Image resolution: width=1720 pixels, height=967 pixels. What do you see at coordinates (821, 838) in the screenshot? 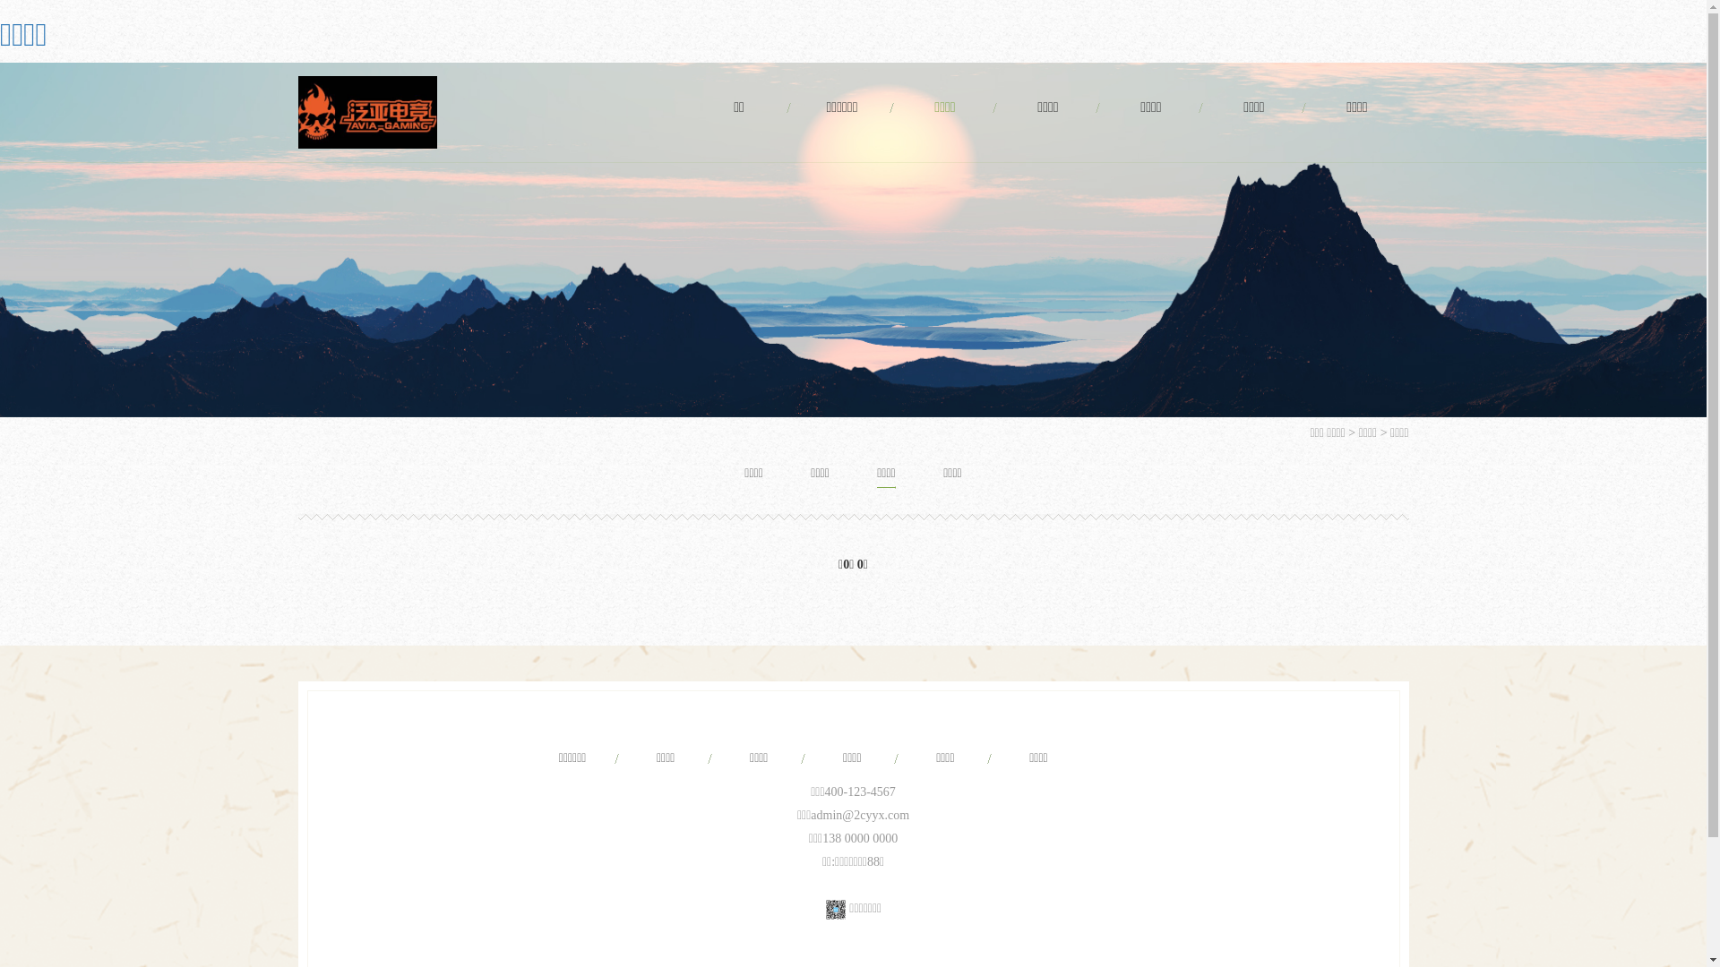
I see `'138 0000 0000'` at bounding box center [821, 838].